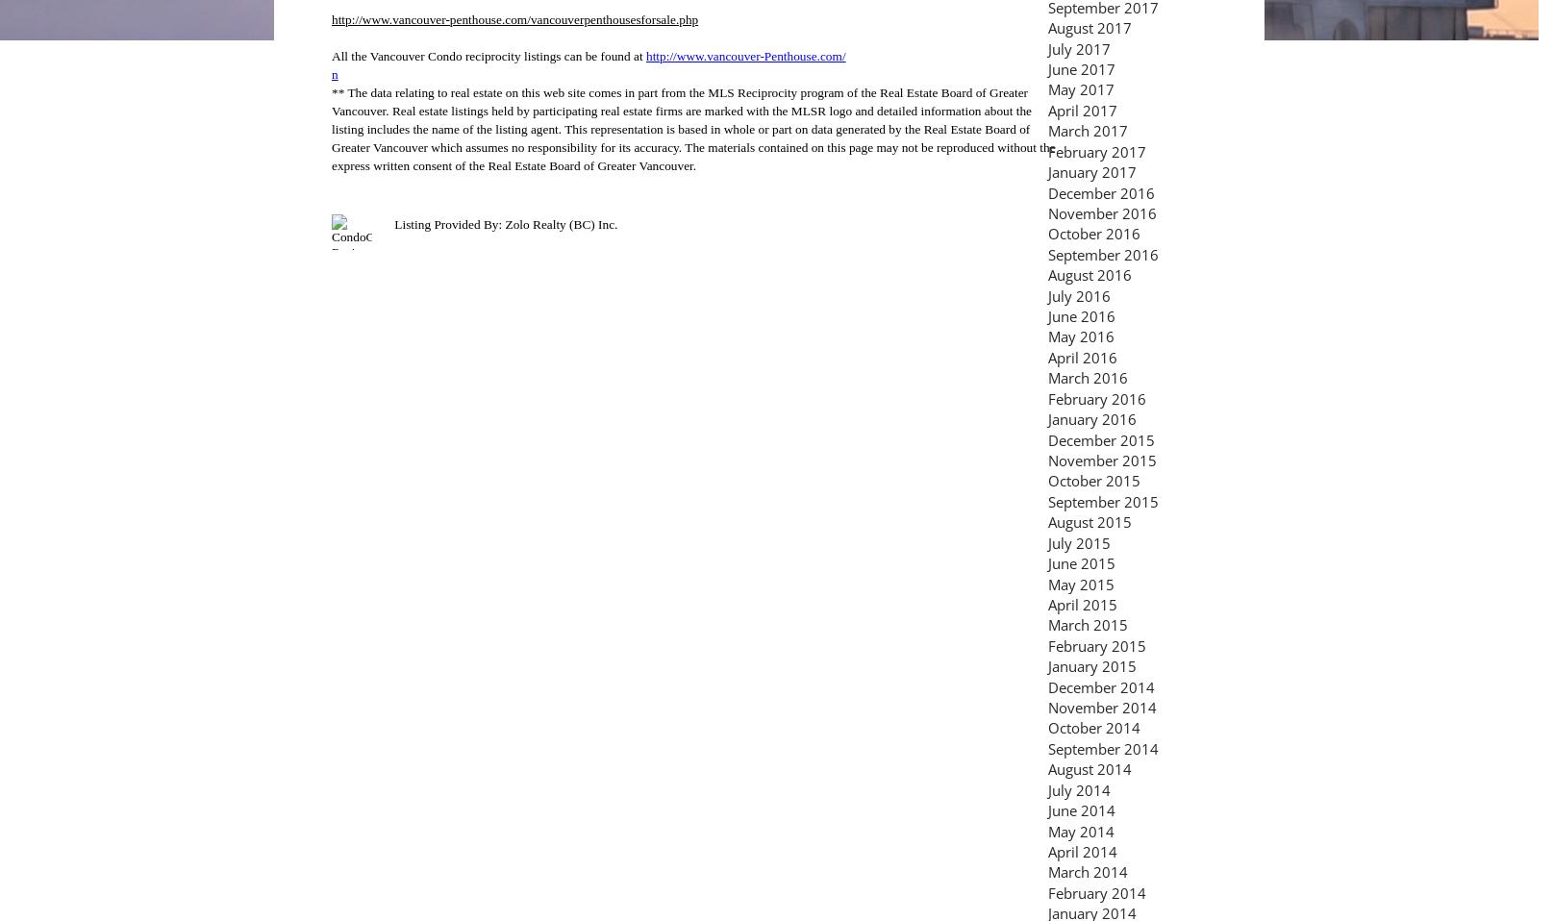  What do you see at coordinates (1047, 892) in the screenshot?
I see `'February 2014'` at bounding box center [1047, 892].